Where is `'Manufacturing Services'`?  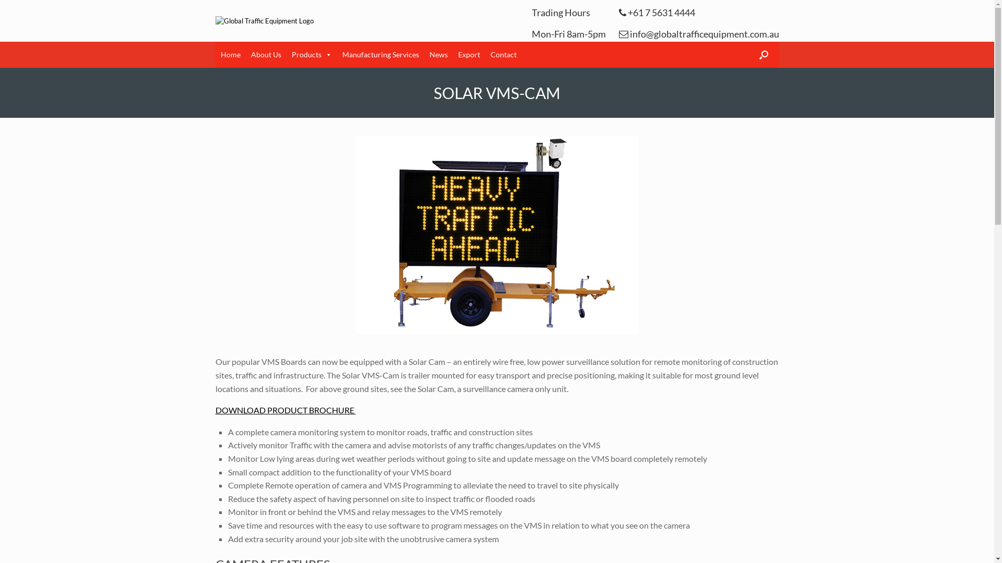 'Manufacturing Services' is located at coordinates (380, 54).